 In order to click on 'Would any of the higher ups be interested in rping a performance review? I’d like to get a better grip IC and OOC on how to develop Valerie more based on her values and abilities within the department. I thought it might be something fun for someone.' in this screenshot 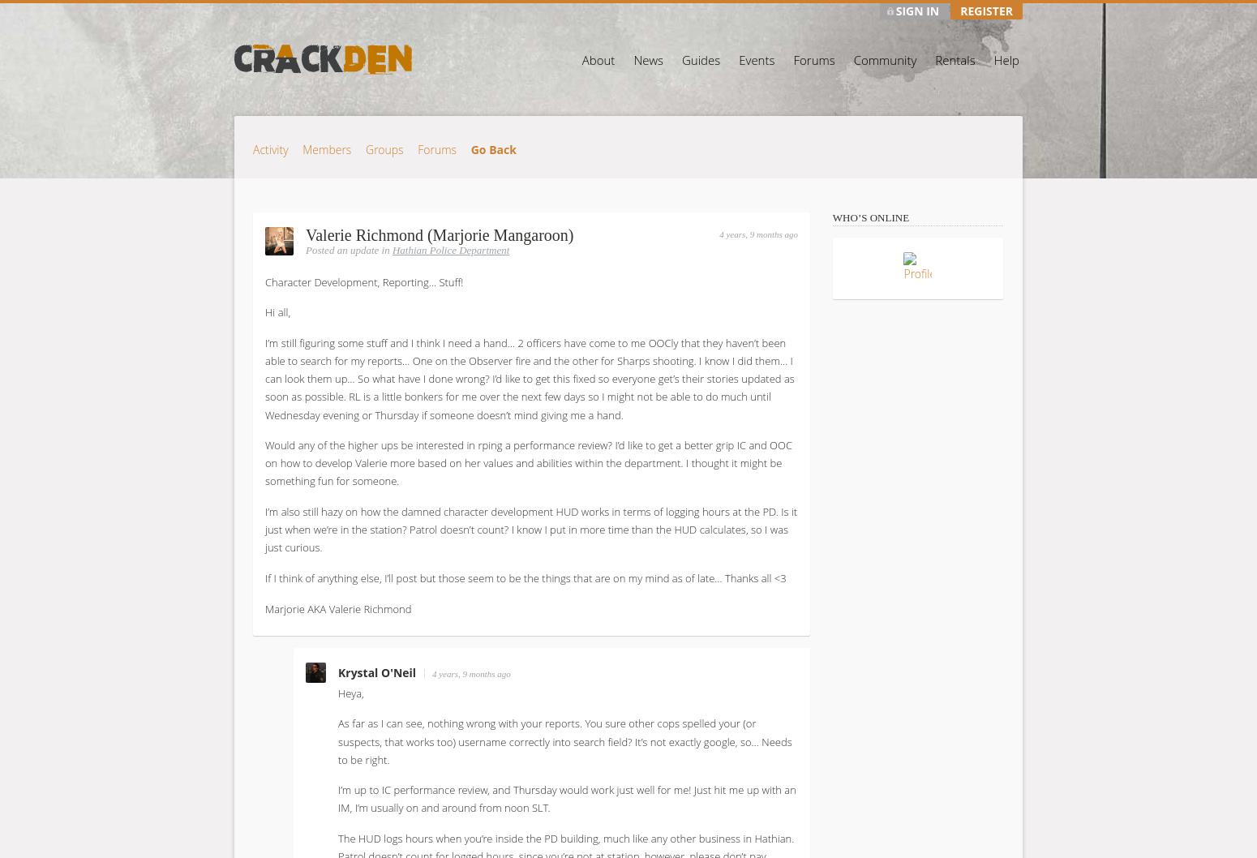, I will do `click(527, 463)`.